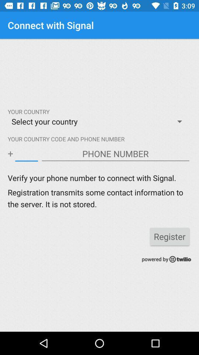 The height and width of the screenshot is (355, 199). I want to click on focus field to enter phone number, so click(115, 153).